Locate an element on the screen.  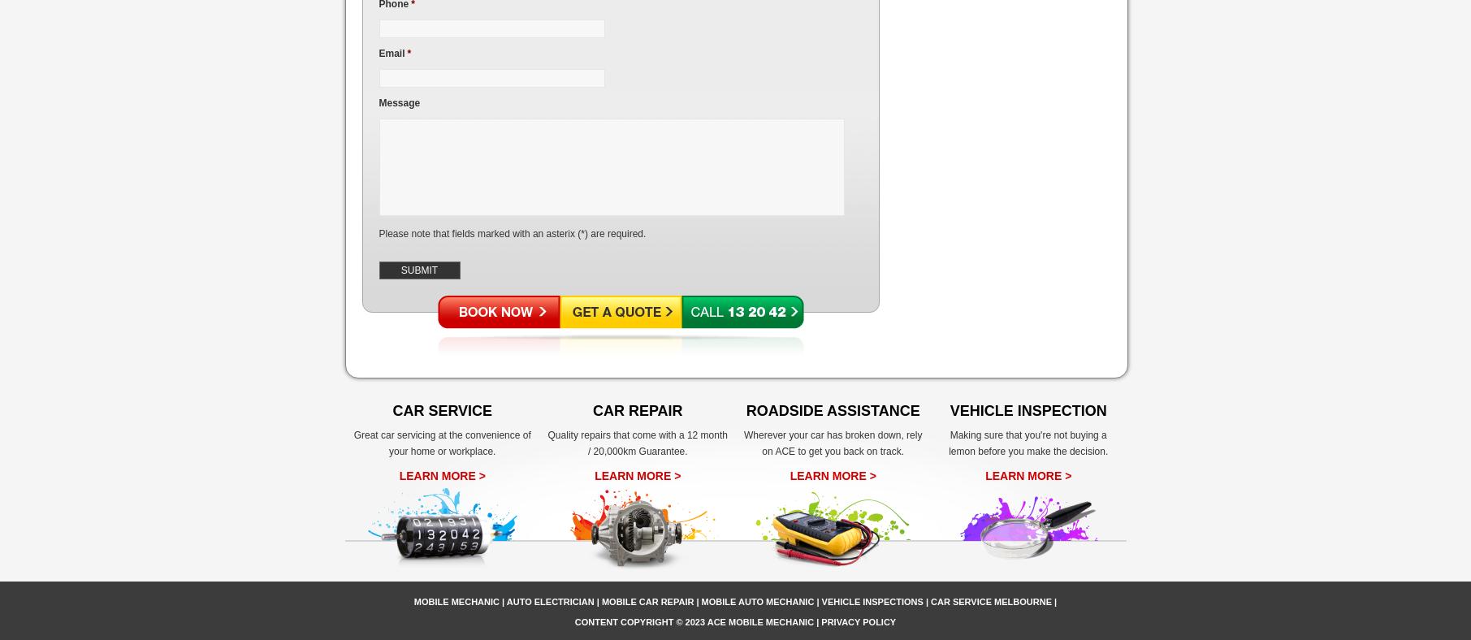
'Mobile Car Repair' is located at coordinates (647, 601).